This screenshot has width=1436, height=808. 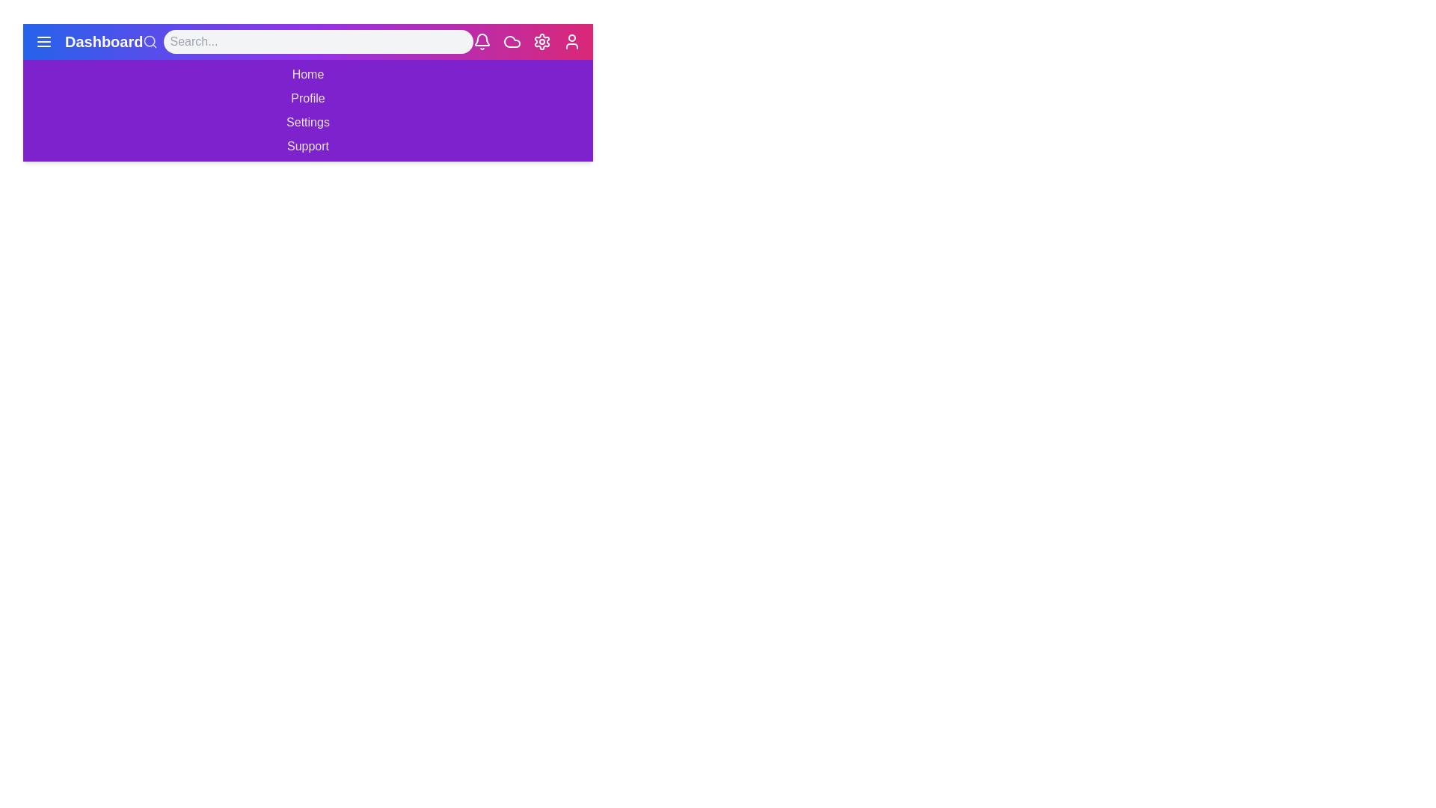 I want to click on the search bar and type the query 'example query', so click(x=318, y=41).